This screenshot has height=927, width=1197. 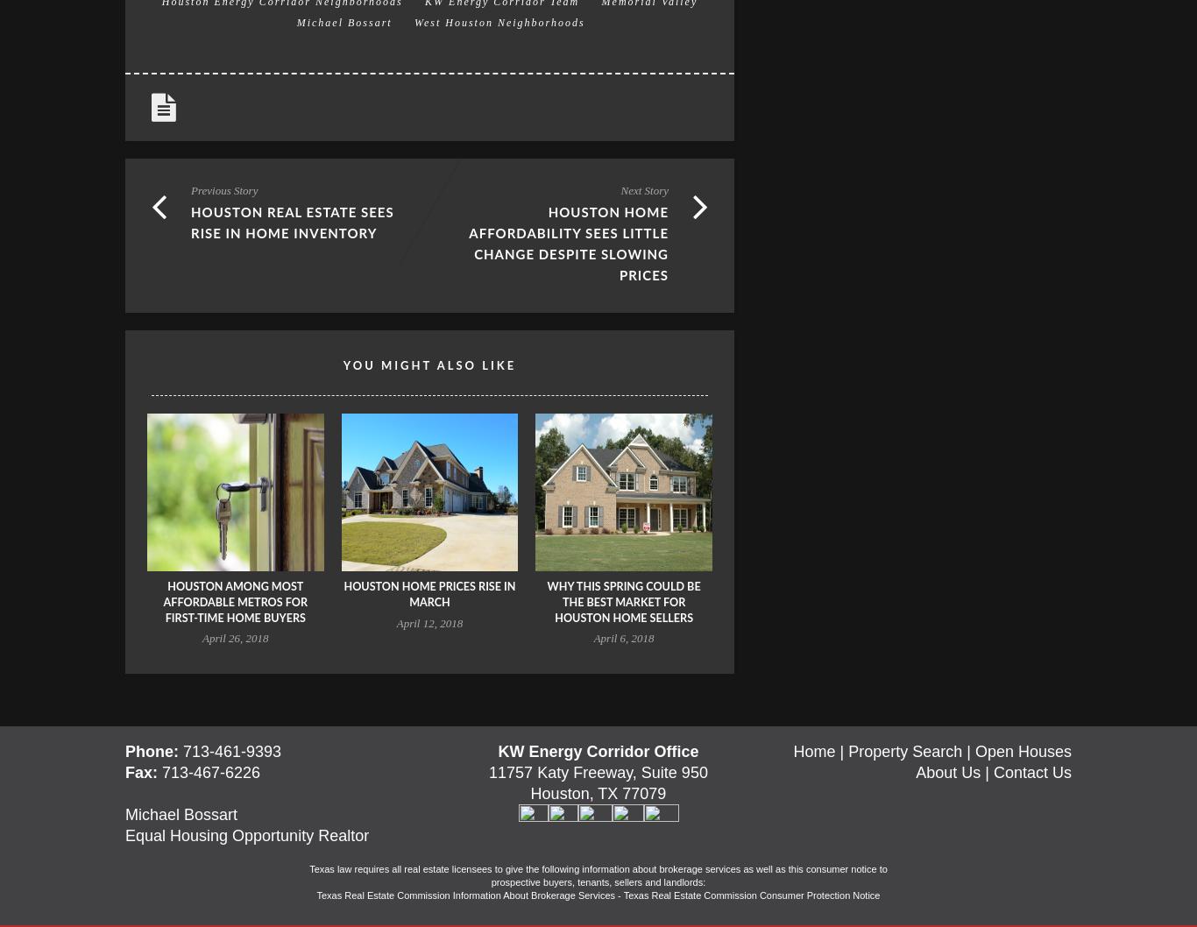 What do you see at coordinates (567, 244) in the screenshot?
I see `'Houston Home Affordability Sees Little Change Despite Slowing Prices'` at bounding box center [567, 244].